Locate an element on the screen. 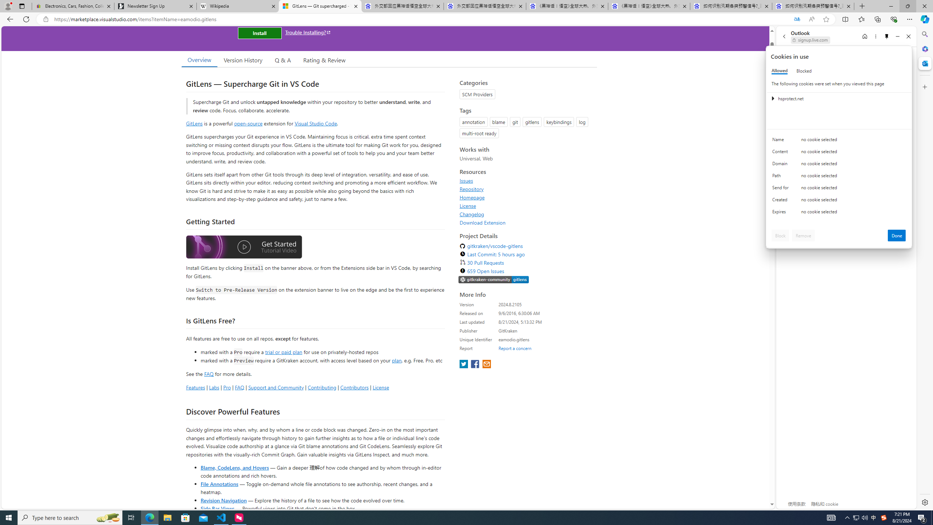 Image resolution: width=933 pixels, height=525 pixels. 'Content' is located at coordinates (781, 153).